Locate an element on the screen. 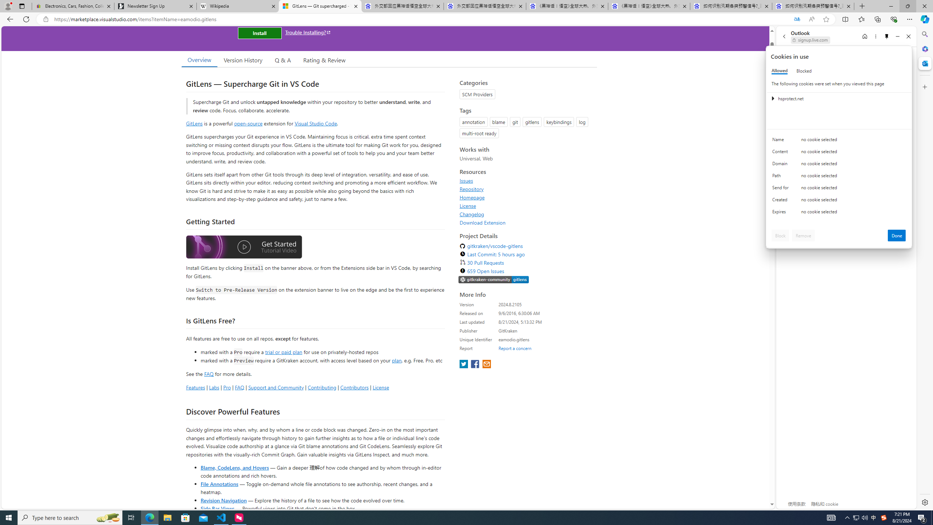 Image resolution: width=933 pixels, height=525 pixels. 'Content' is located at coordinates (781, 153).